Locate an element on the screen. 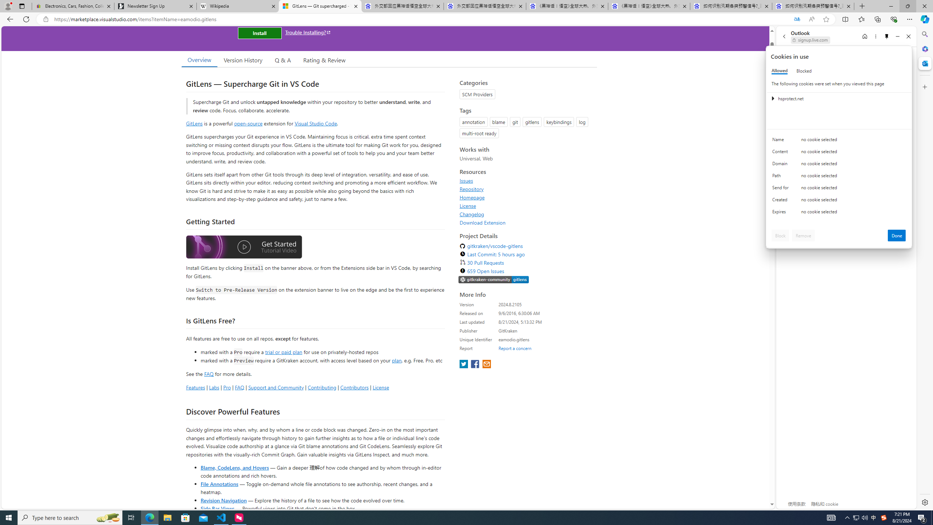 Image resolution: width=933 pixels, height=525 pixels. 'Content' is located at coordinates (781, 153).